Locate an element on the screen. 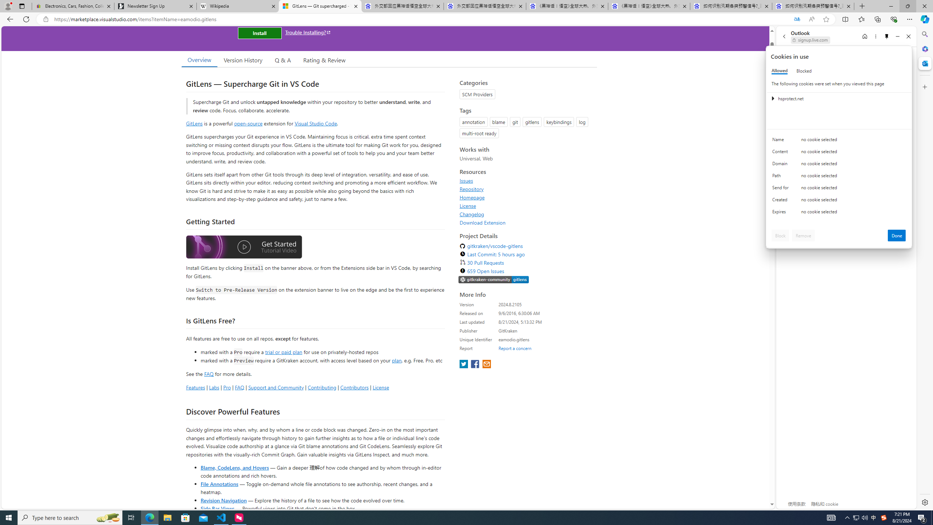 Image resolution: width=933 pixels, height=525 pixels. 'Content' is located at coordinates (781, 153).